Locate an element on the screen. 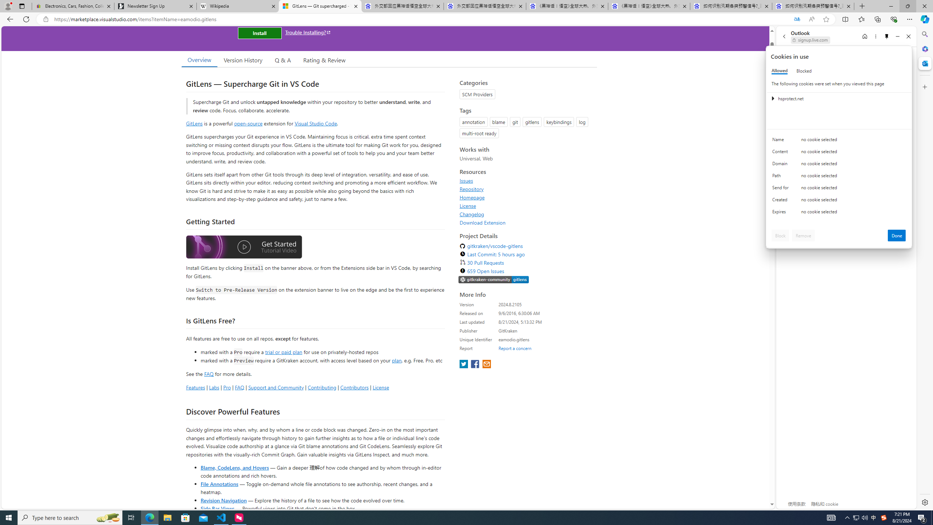 Image resolution: width=933 pixels, height=525 pixels. 'Content' is located at coordinates (781, 153).